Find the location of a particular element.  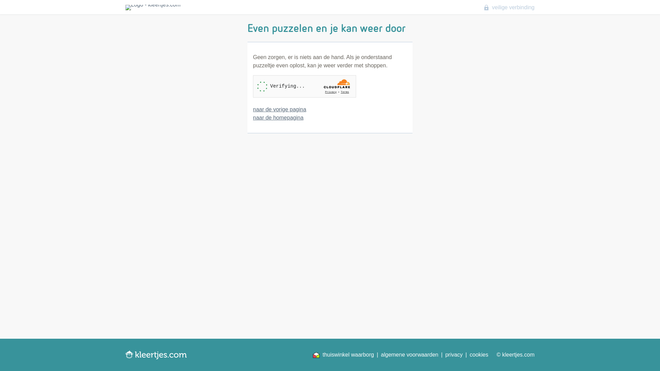

'naar de vorige pagina' is located at coordinates (279, 109).